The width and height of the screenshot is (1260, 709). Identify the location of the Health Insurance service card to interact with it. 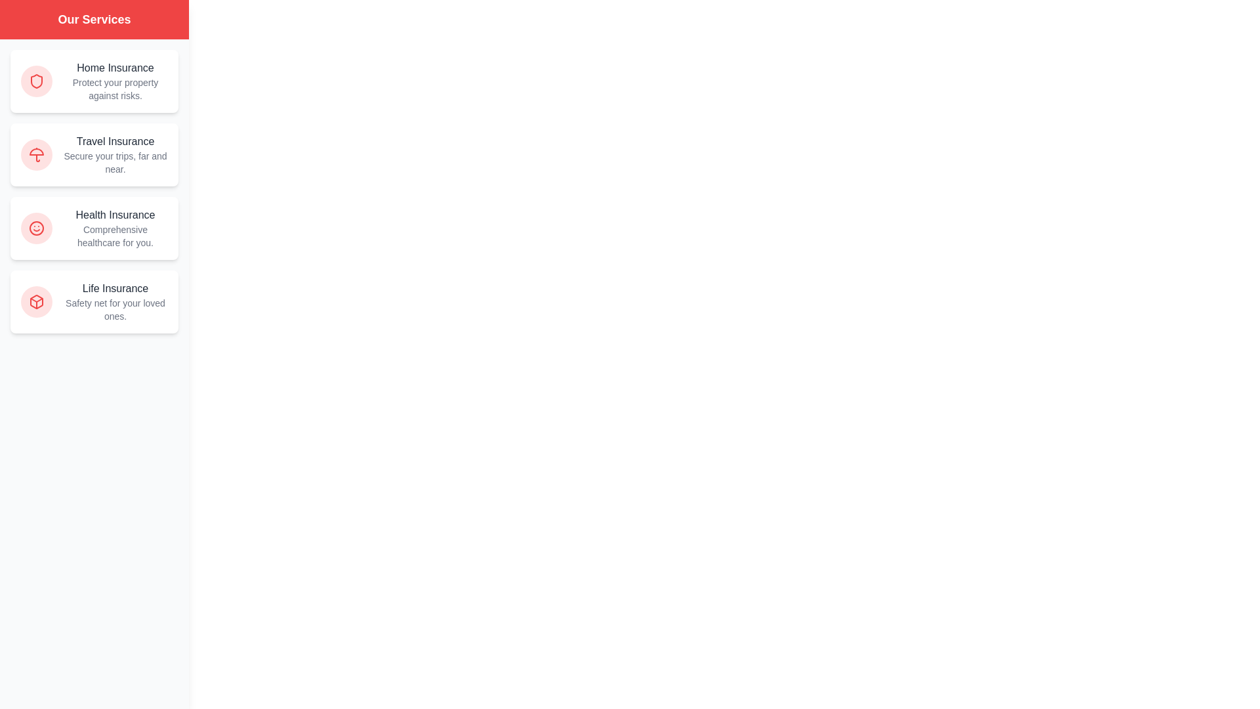
(94, 227).